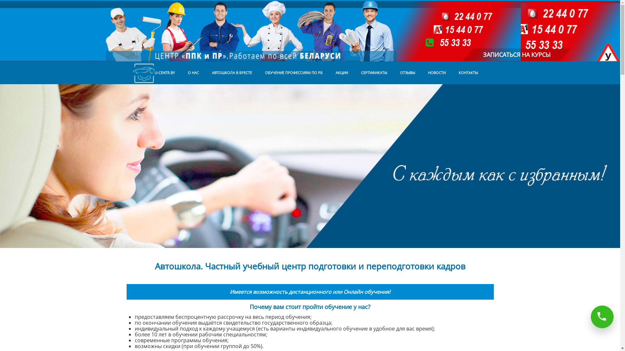  Describe the element at coordinates (153, 72) in the screenshot. I see `'U-CENTR.BY'` at that location.